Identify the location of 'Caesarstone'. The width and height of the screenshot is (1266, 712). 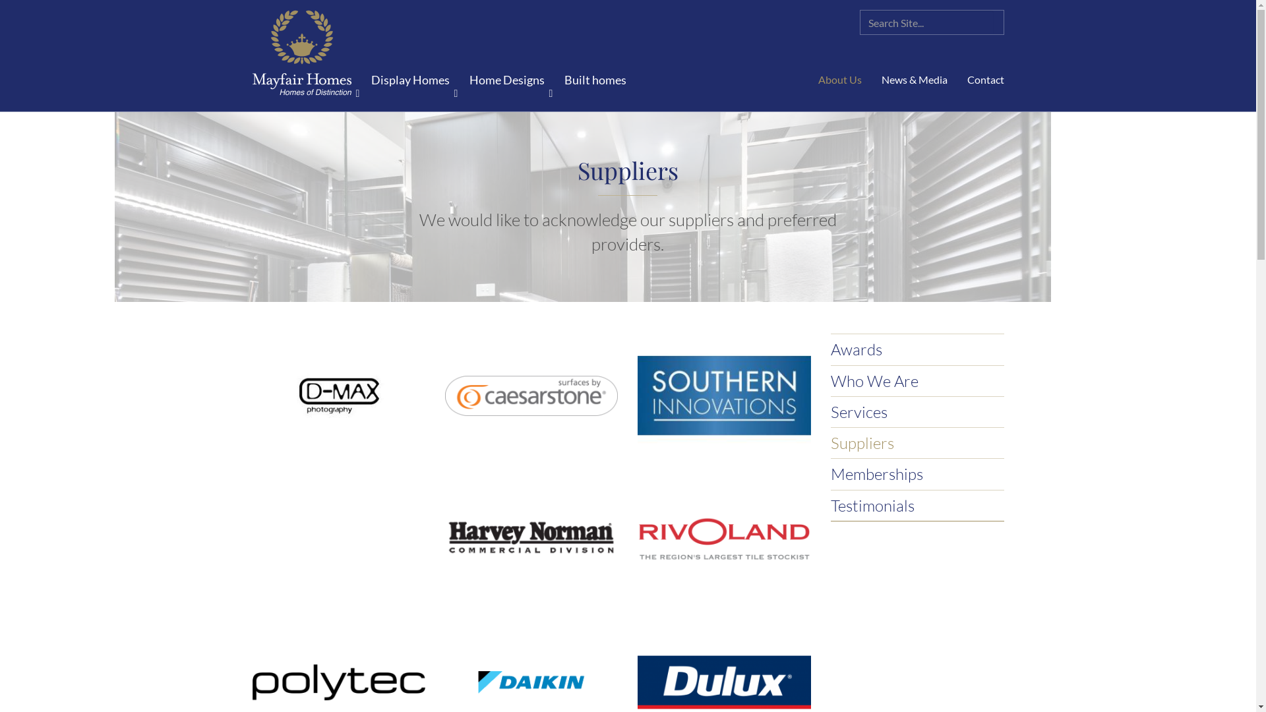
(445, 394).